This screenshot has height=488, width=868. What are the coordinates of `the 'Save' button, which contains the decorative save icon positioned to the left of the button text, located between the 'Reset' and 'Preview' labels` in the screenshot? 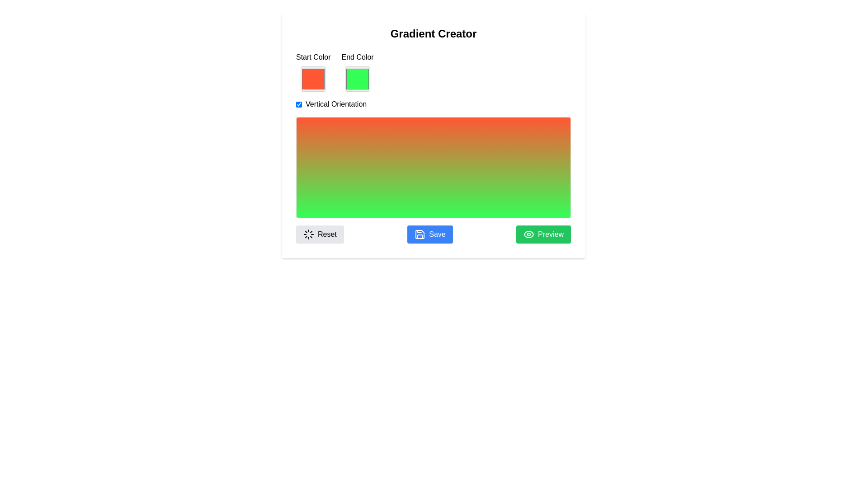 It's located at (420, 234).